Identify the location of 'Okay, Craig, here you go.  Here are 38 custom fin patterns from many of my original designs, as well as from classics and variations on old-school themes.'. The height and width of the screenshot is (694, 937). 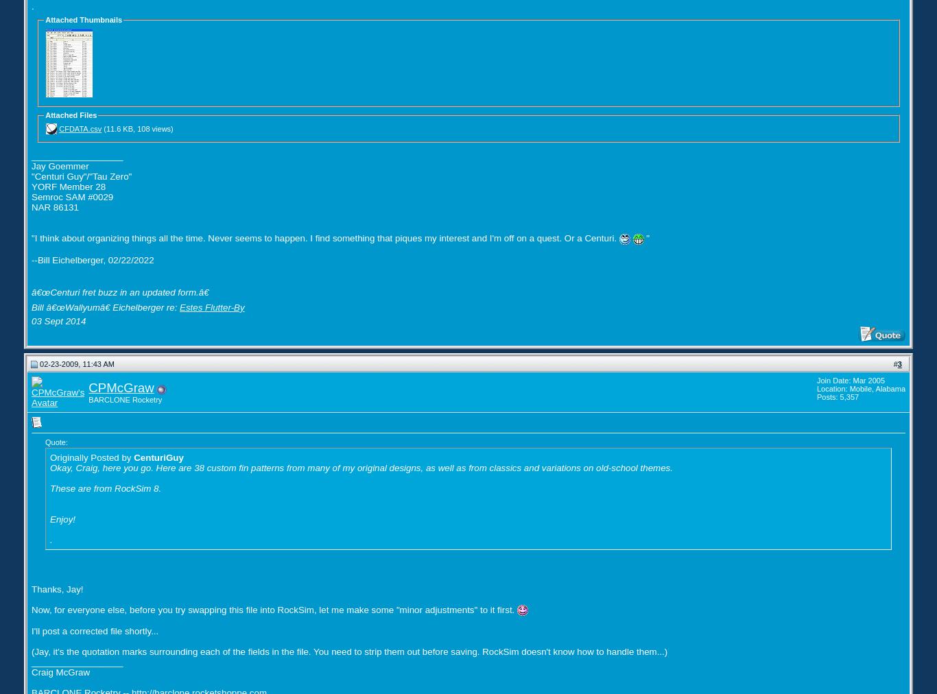
(361, 467).